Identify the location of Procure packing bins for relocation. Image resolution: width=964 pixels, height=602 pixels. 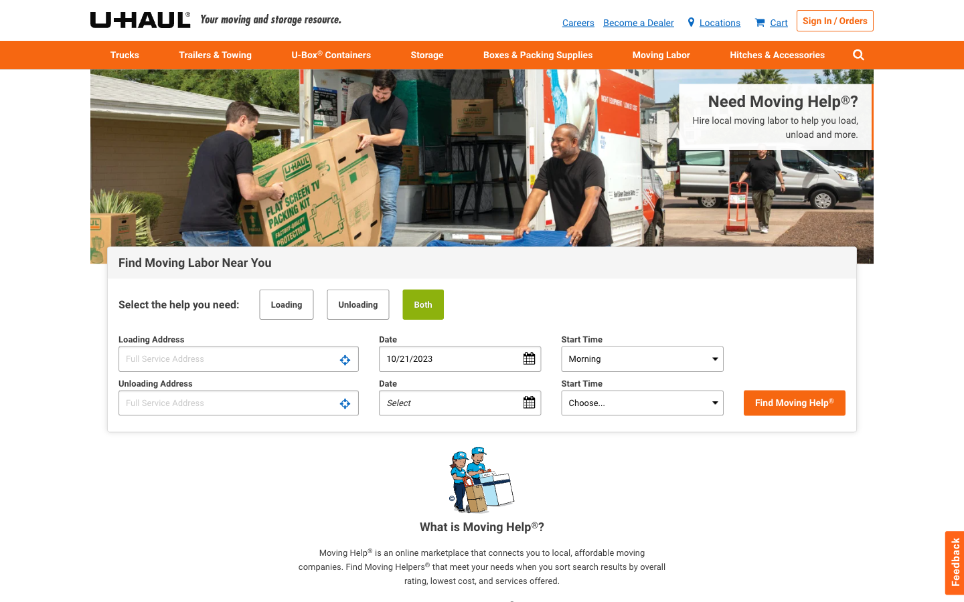
(331, 54).